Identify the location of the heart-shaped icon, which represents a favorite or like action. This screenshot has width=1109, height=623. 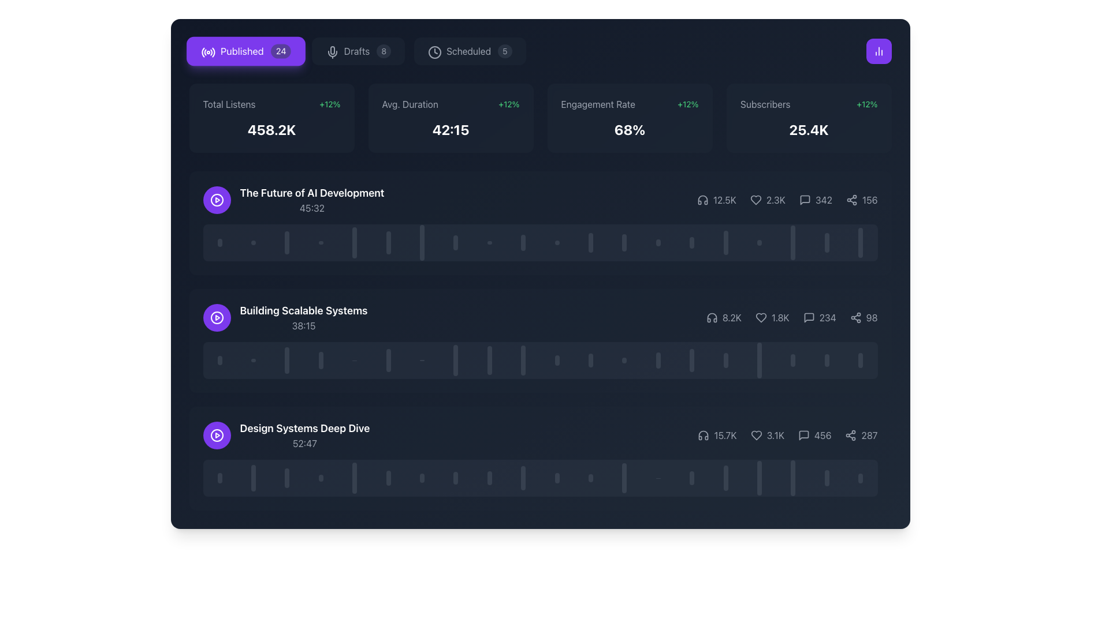
(756, 200).